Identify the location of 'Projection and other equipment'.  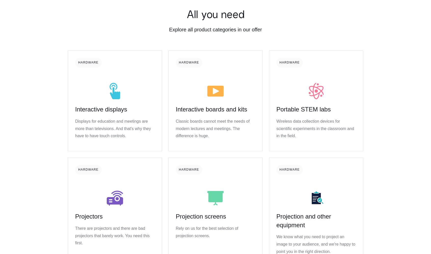
(303, 221).